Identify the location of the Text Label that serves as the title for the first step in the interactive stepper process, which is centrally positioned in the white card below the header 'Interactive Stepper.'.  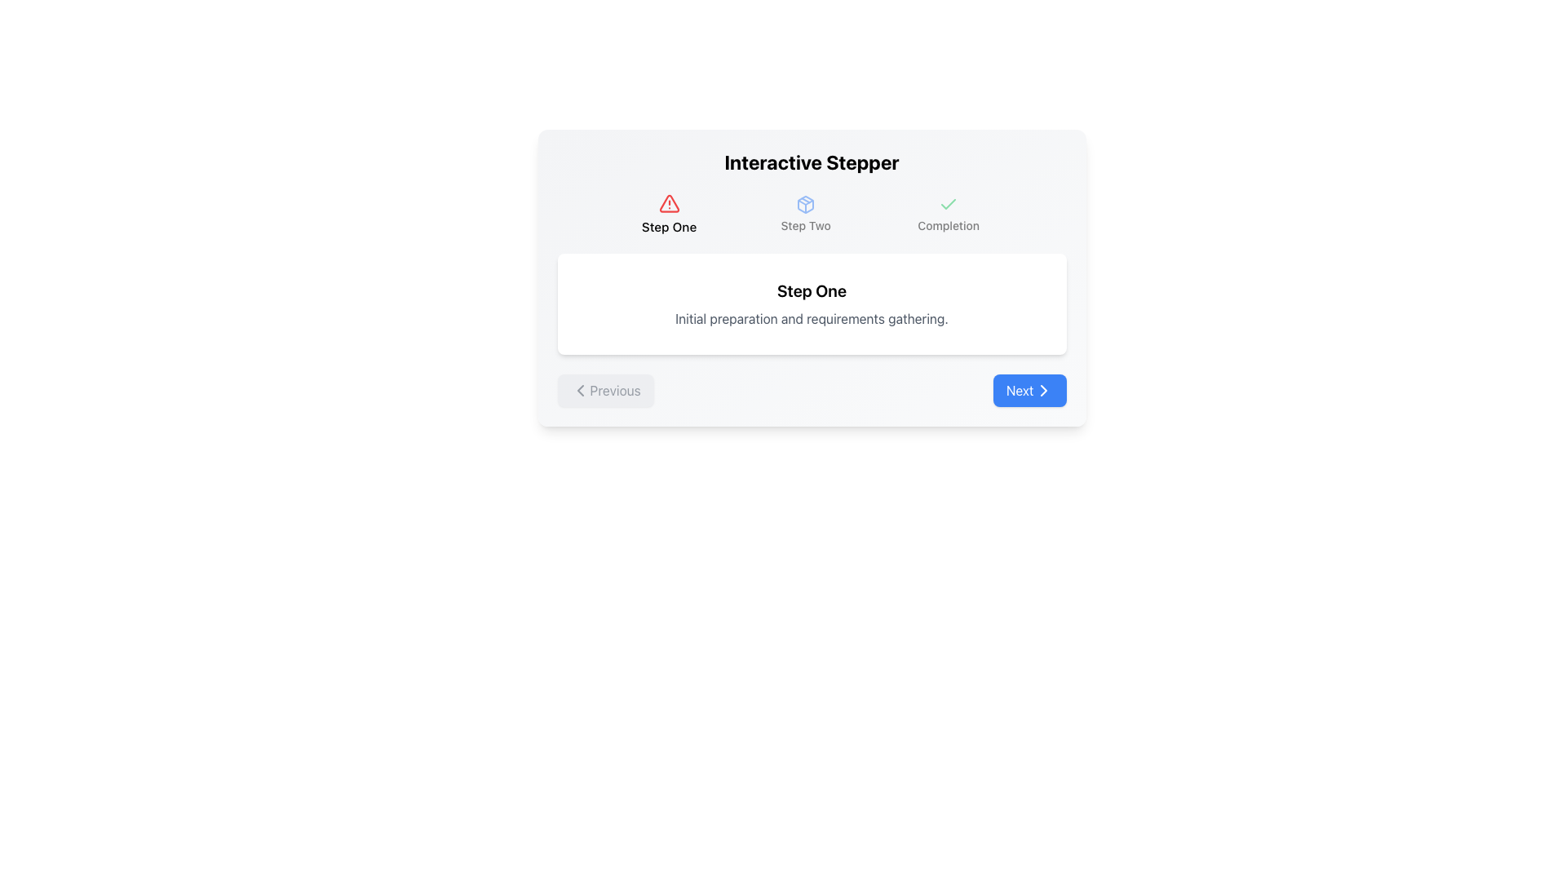
(812, 290).